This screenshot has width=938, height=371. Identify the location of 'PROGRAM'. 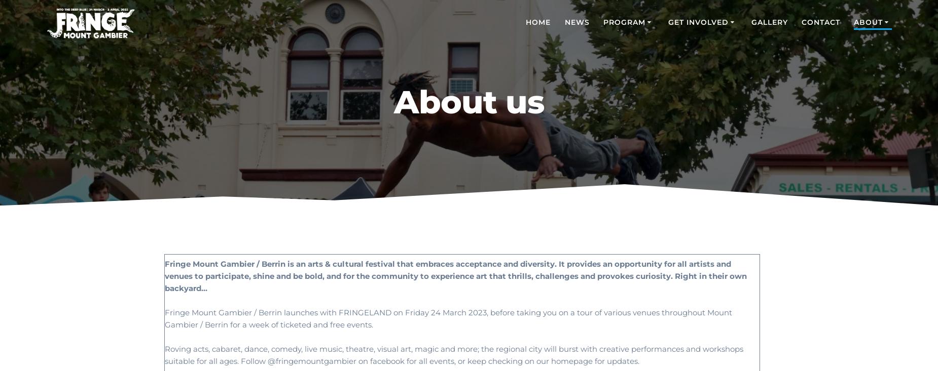
(623, 21).